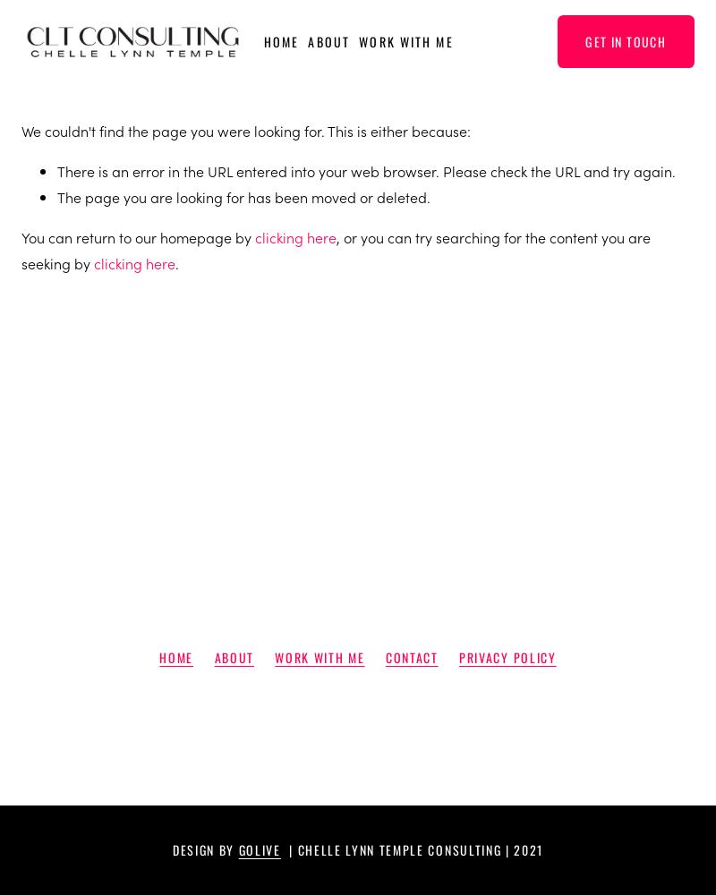 Image resolution: width=716 pixels, height=895 pixels. Describe the element at coordinates (175, 262) in the screenshot. I see `'.'` at that location.